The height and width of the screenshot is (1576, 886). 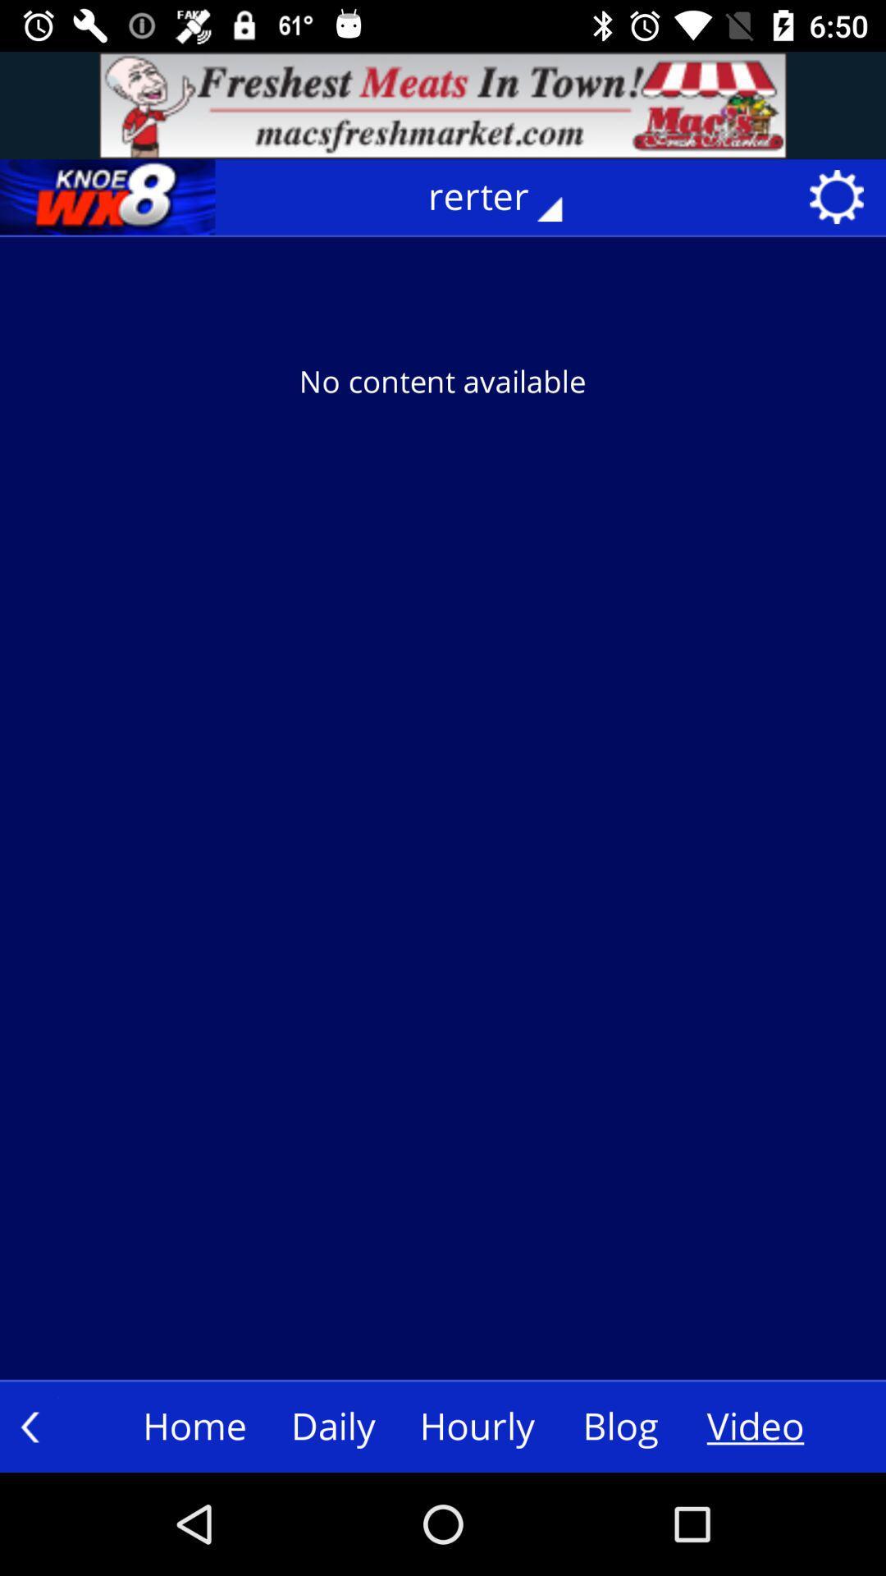 I want to click on the arrow_backward icon, so click(x=30, y=1426).